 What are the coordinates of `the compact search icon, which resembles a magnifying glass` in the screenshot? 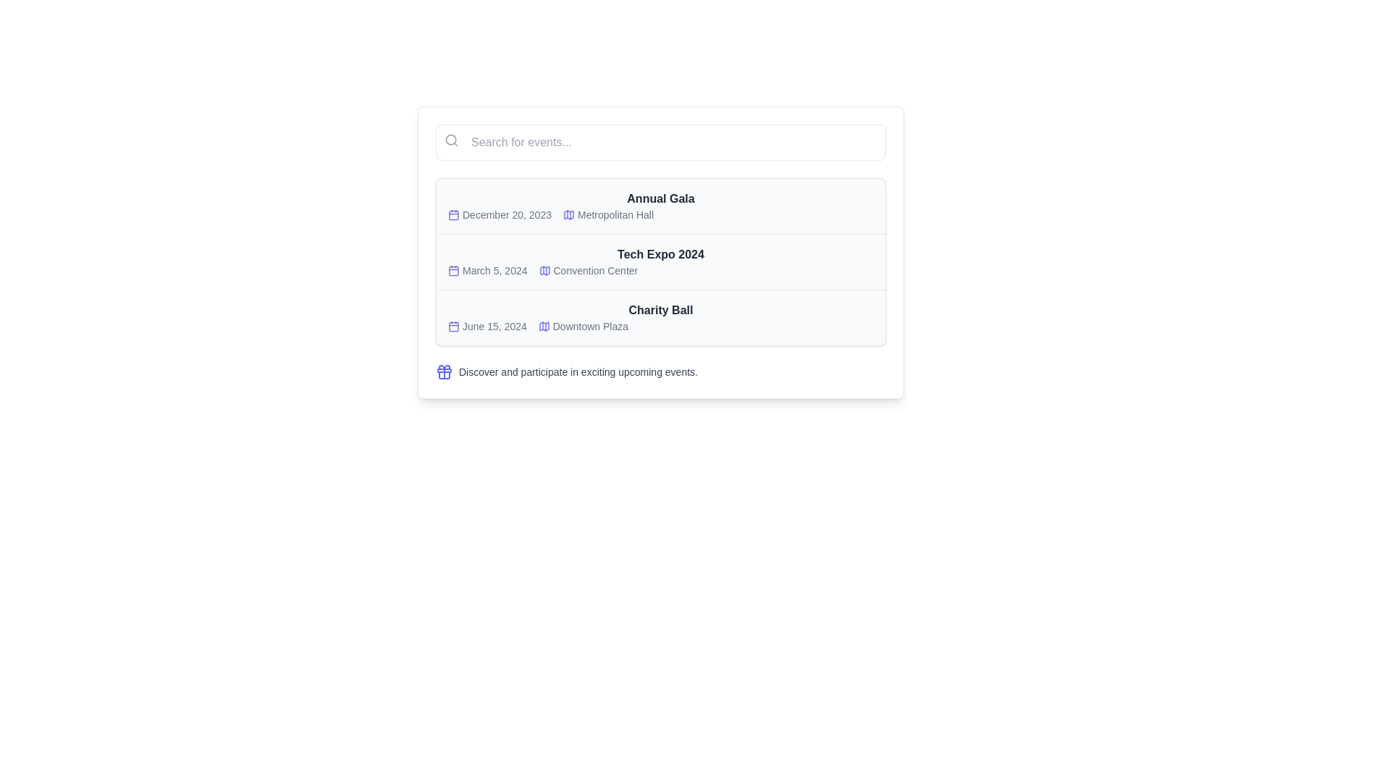 It's located at (451, 140).